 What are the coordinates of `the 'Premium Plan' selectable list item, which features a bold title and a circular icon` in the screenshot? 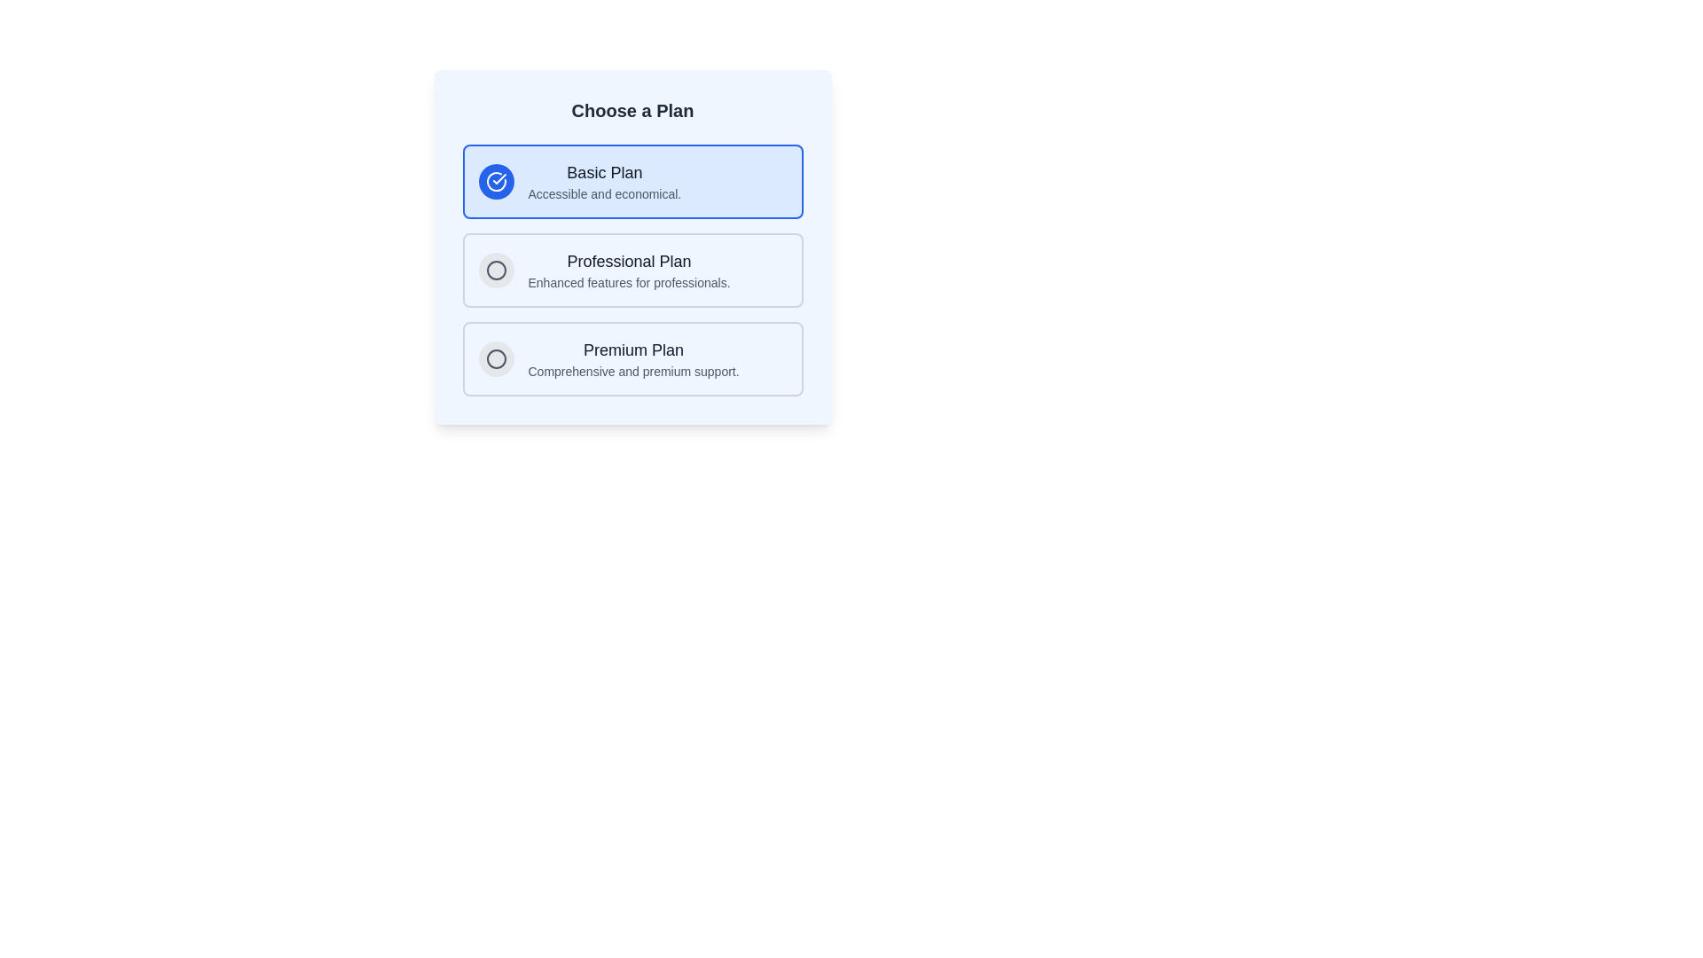 It's located at (632, 359).